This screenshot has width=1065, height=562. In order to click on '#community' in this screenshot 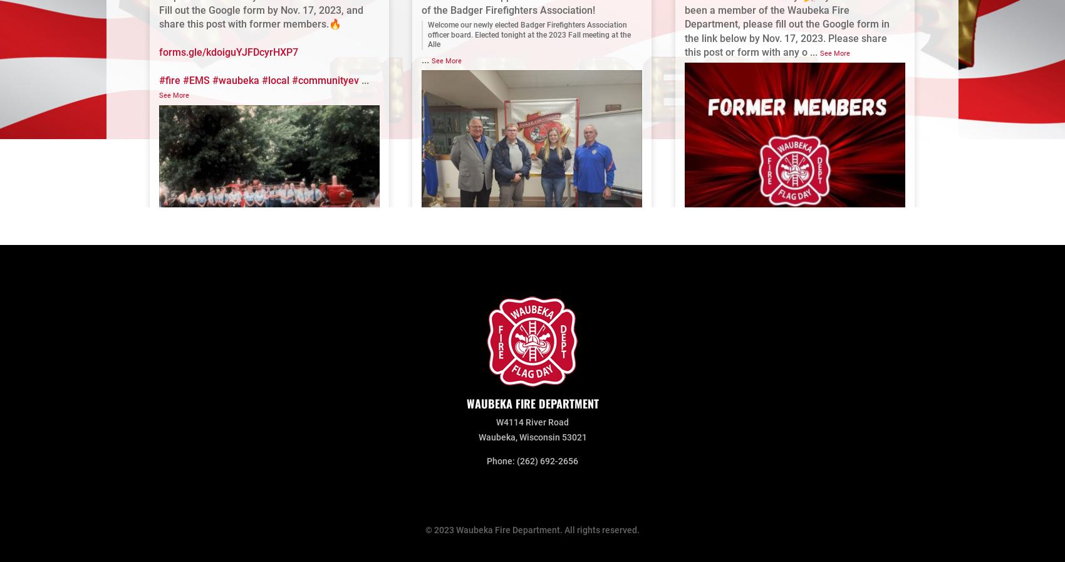, I will do `click(717, 450)`.